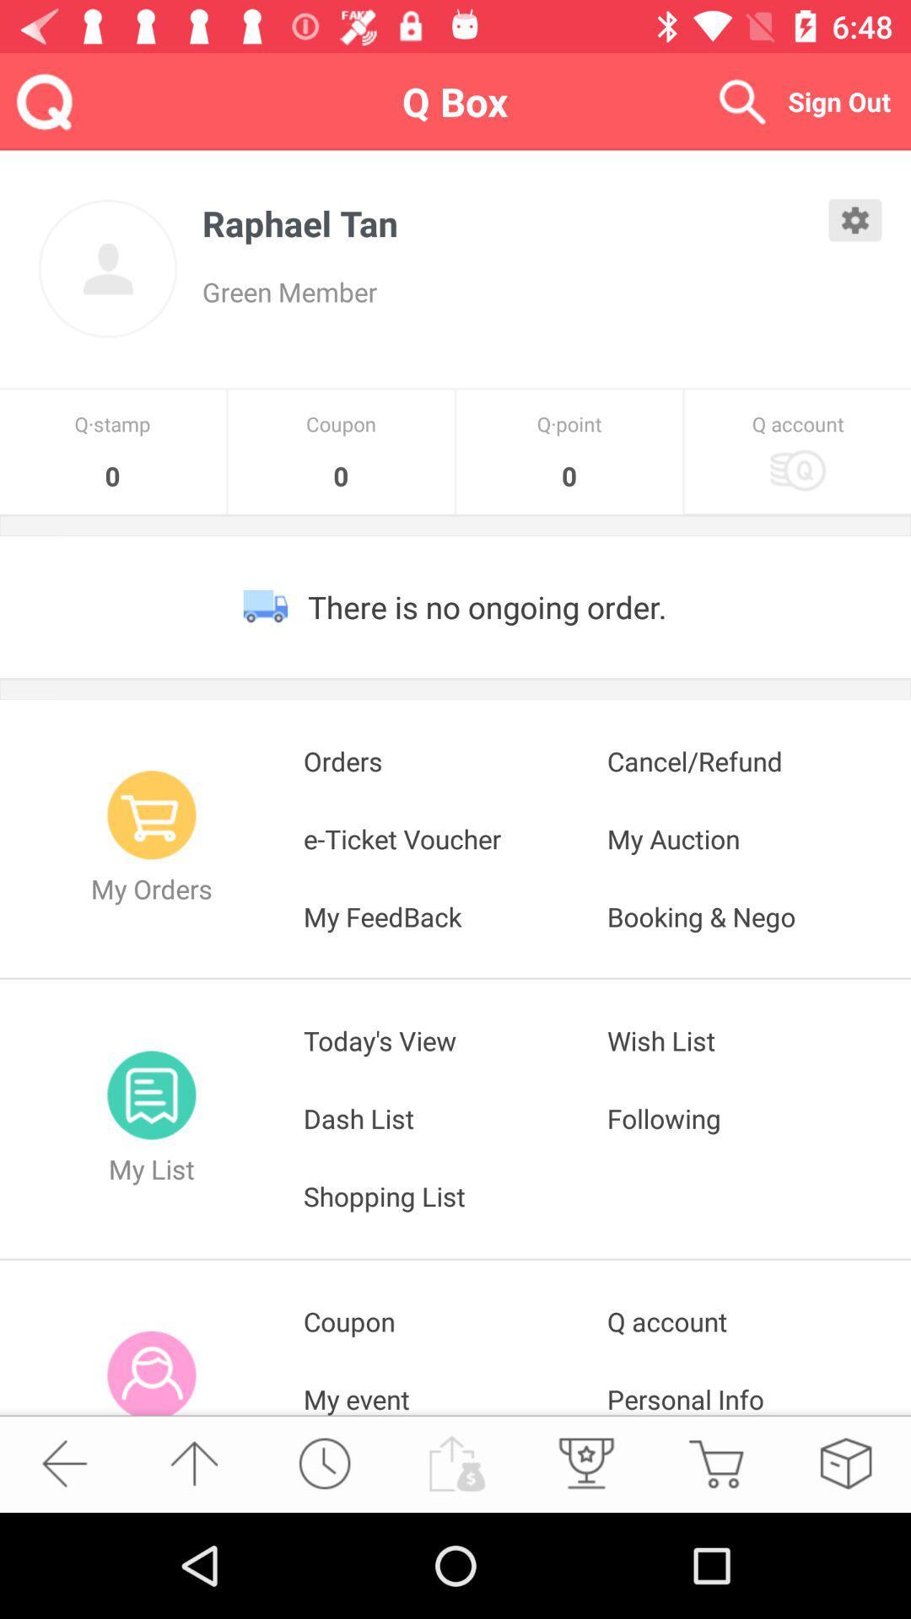  What do you see at coordinates (193, 1462) in the screenshot?
I see `the arrow_upward icon` at bounding box center [193, 1462].